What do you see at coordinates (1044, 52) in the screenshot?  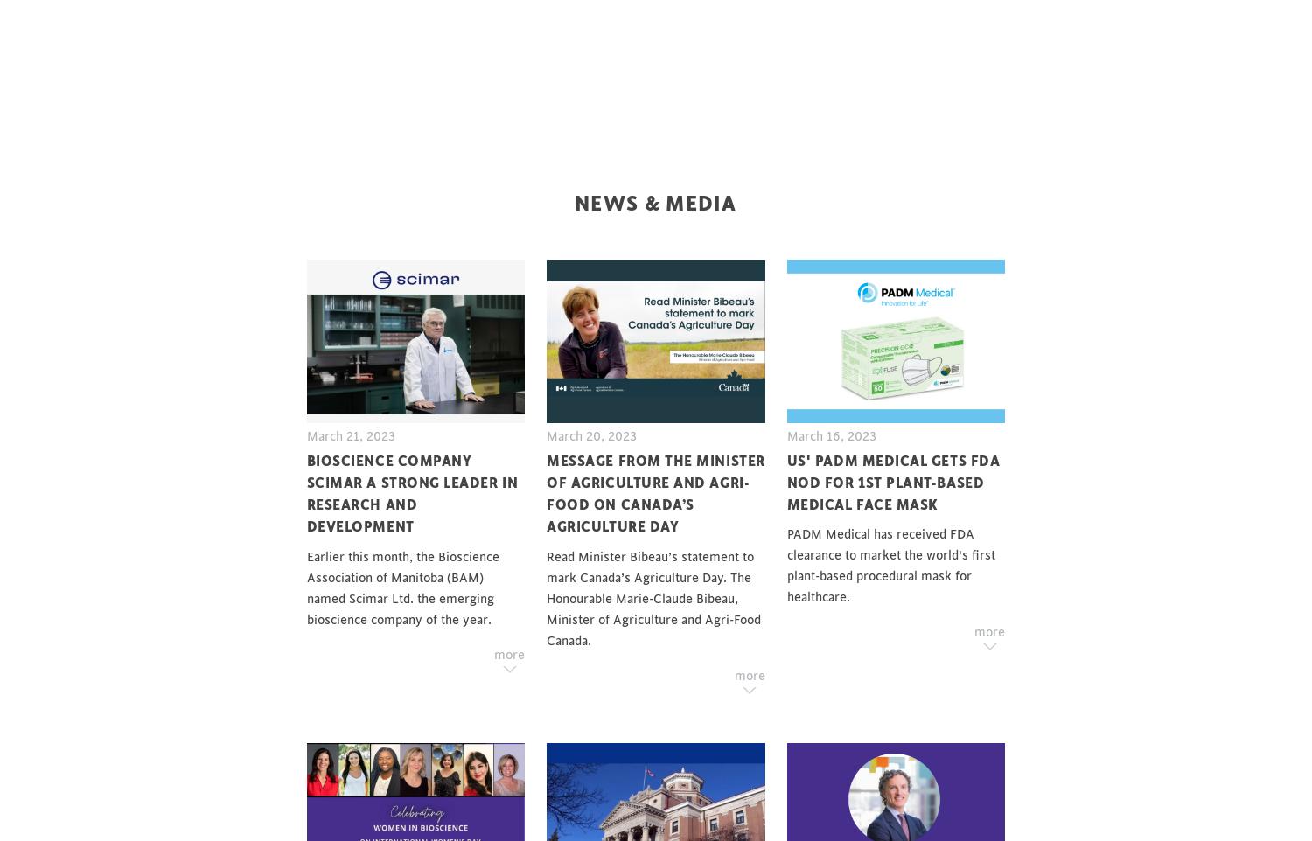 I see `'BAM Support Hub'` at bounding box center [1044, 52].